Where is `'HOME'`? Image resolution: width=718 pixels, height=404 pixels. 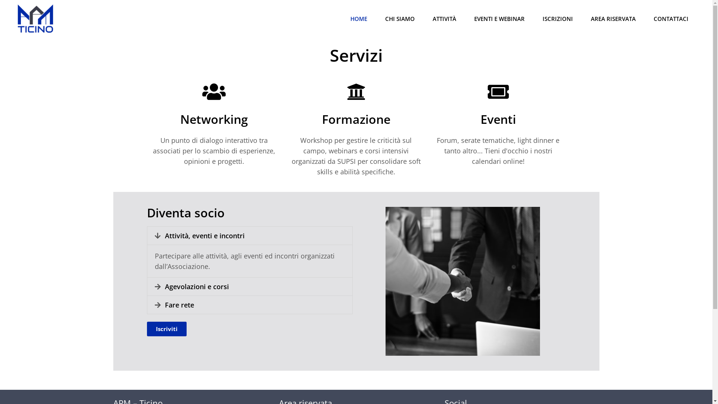
'HOME' is located at coordinates (358, 18).